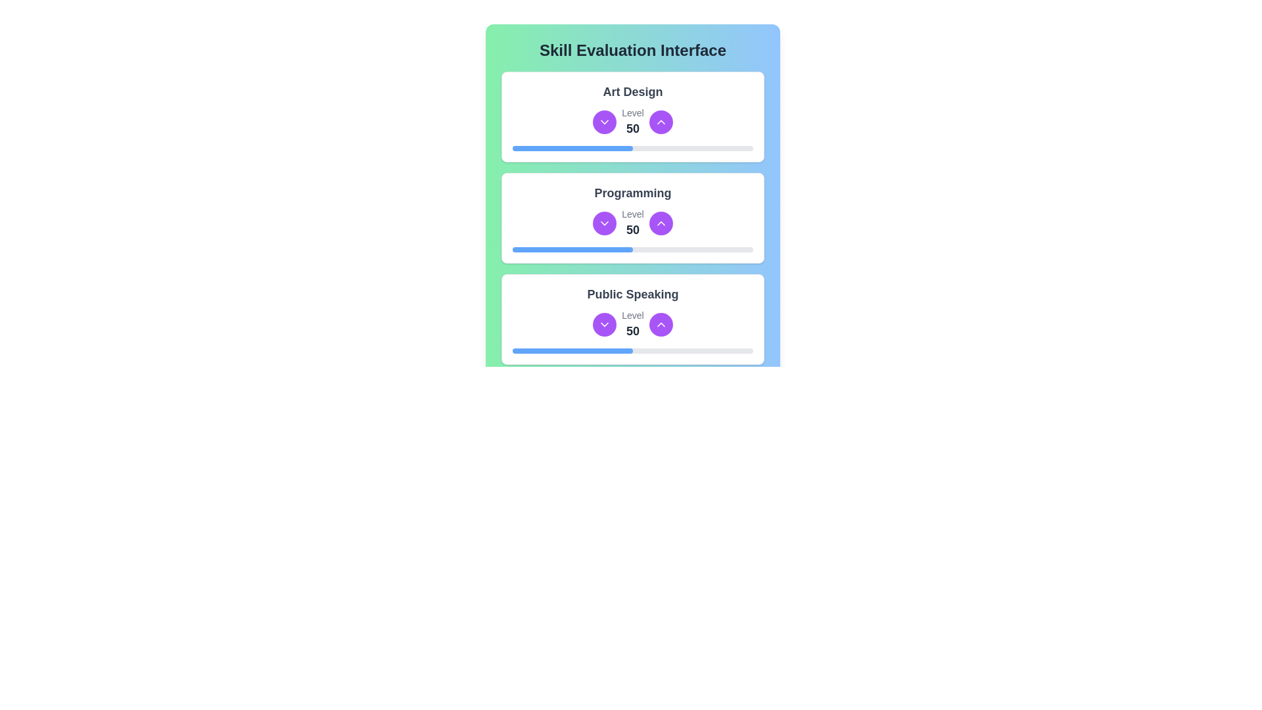 This screenshot has width=1262, height=710. I want to click on the blue filled portion of the progress bar representing the completion of the 'Art Design' skill in the Skill Evaluation Interface, so click(573, 148).